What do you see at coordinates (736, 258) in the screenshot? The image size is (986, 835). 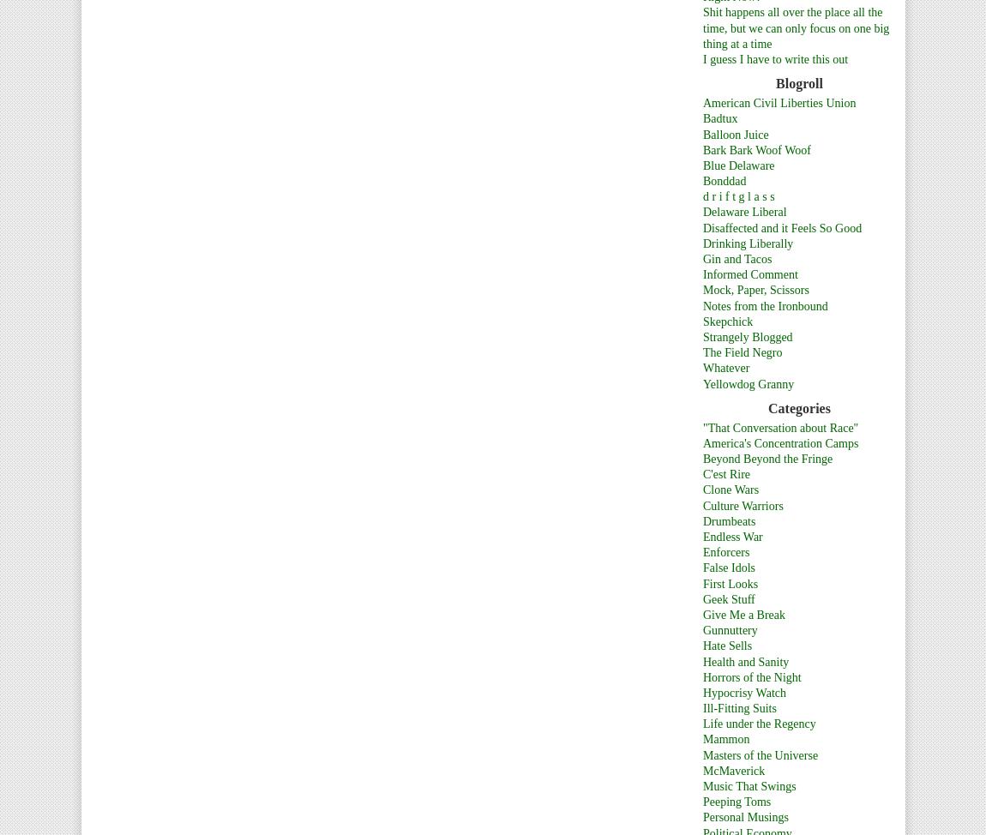 I see `'Gin and Tacos'` at bounding box center [736, 258].